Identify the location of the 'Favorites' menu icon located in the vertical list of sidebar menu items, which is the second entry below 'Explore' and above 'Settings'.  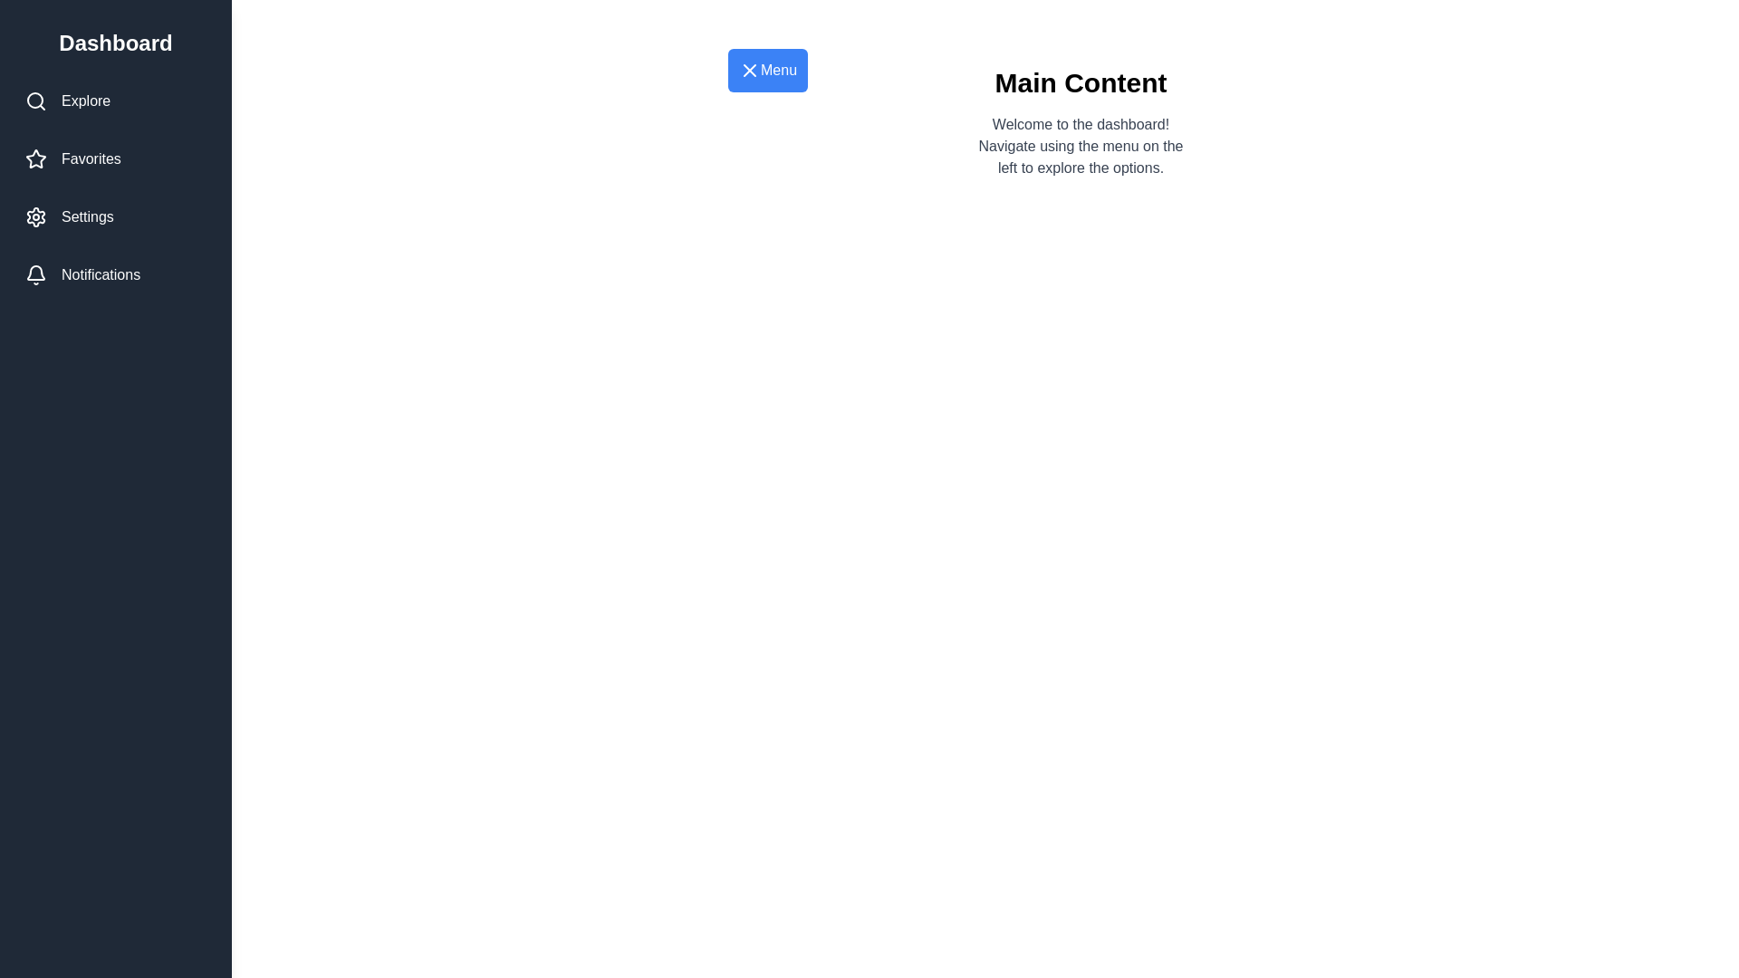
(35, 158).